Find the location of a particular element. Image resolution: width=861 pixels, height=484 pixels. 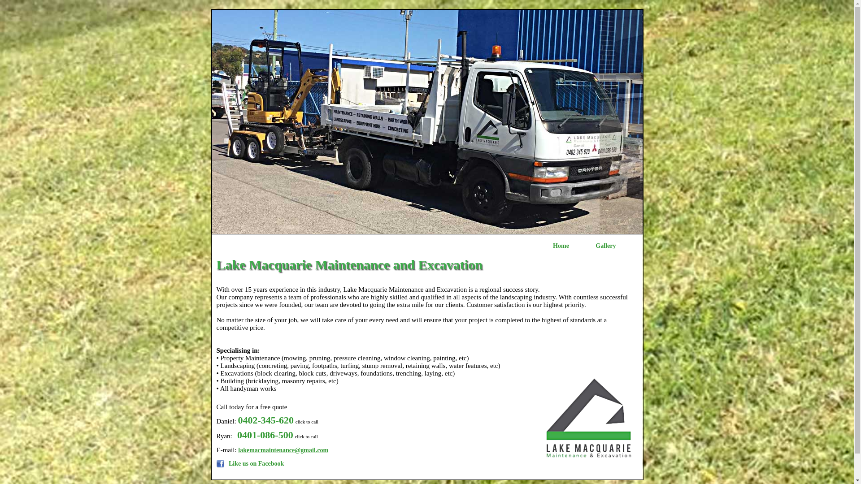

'0401-086-500' is located at coordinates (265, 434).